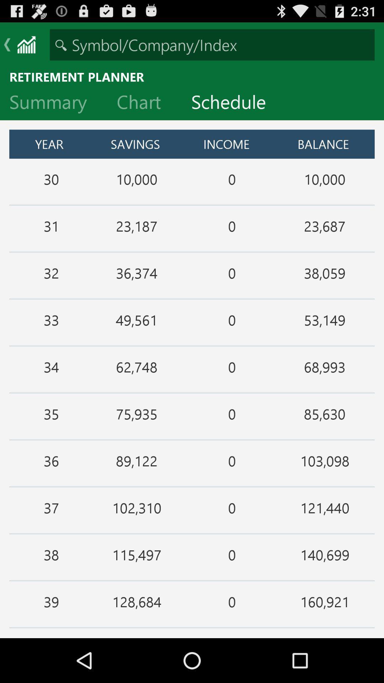  Describe the element at coordinates (144, 103) in the screenshot. I see `the chart item` at that location.